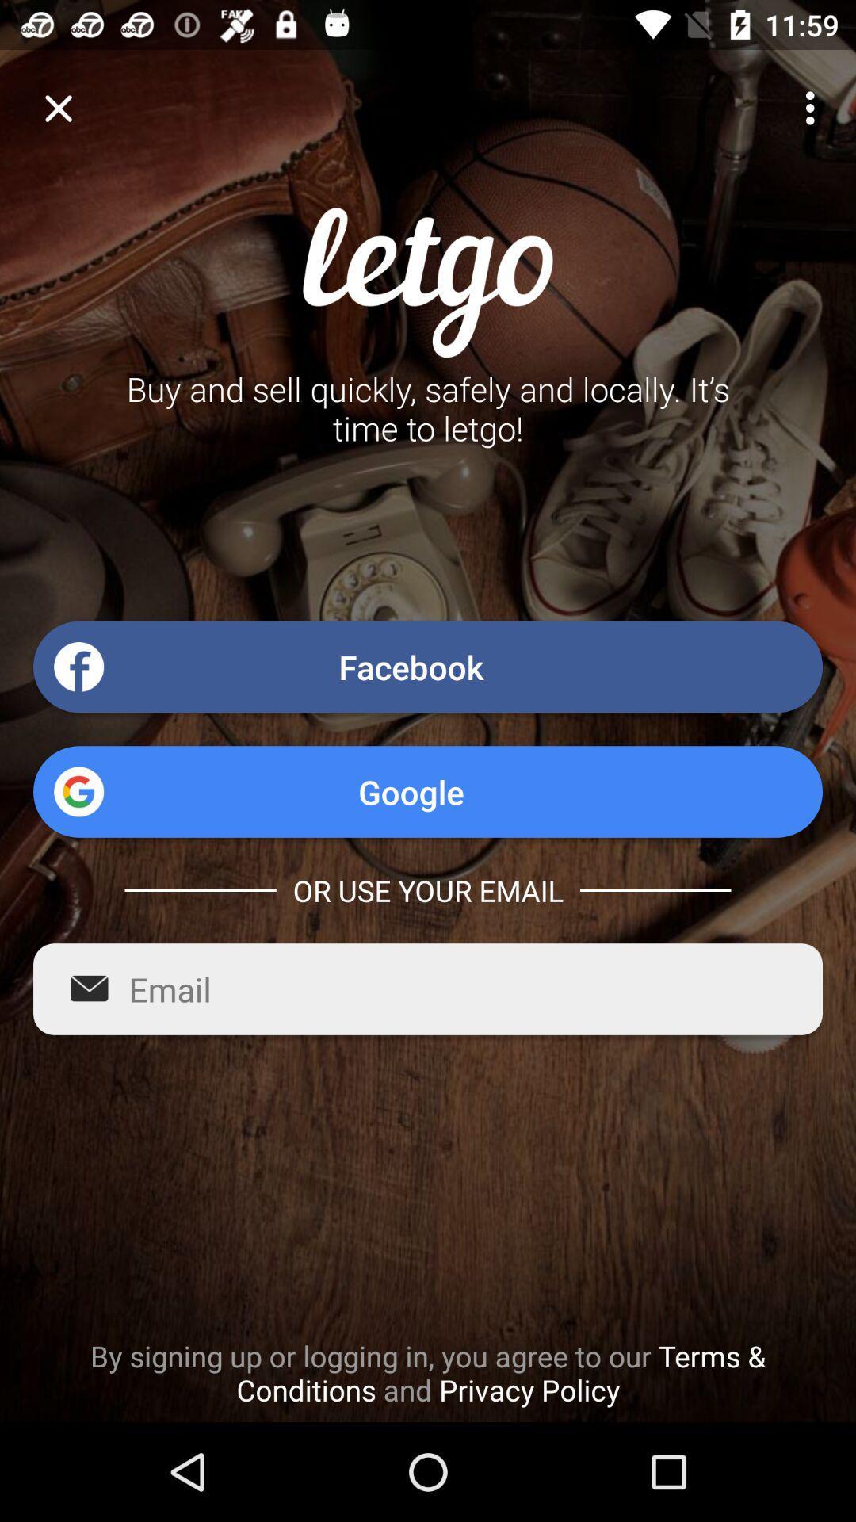 Image resolution: width=856 pixels, height=1522 pixels. What do you see at coordinates (814, 107) in the screenshot?
I see `item at the top right corner` at bounding box center [814, 107].